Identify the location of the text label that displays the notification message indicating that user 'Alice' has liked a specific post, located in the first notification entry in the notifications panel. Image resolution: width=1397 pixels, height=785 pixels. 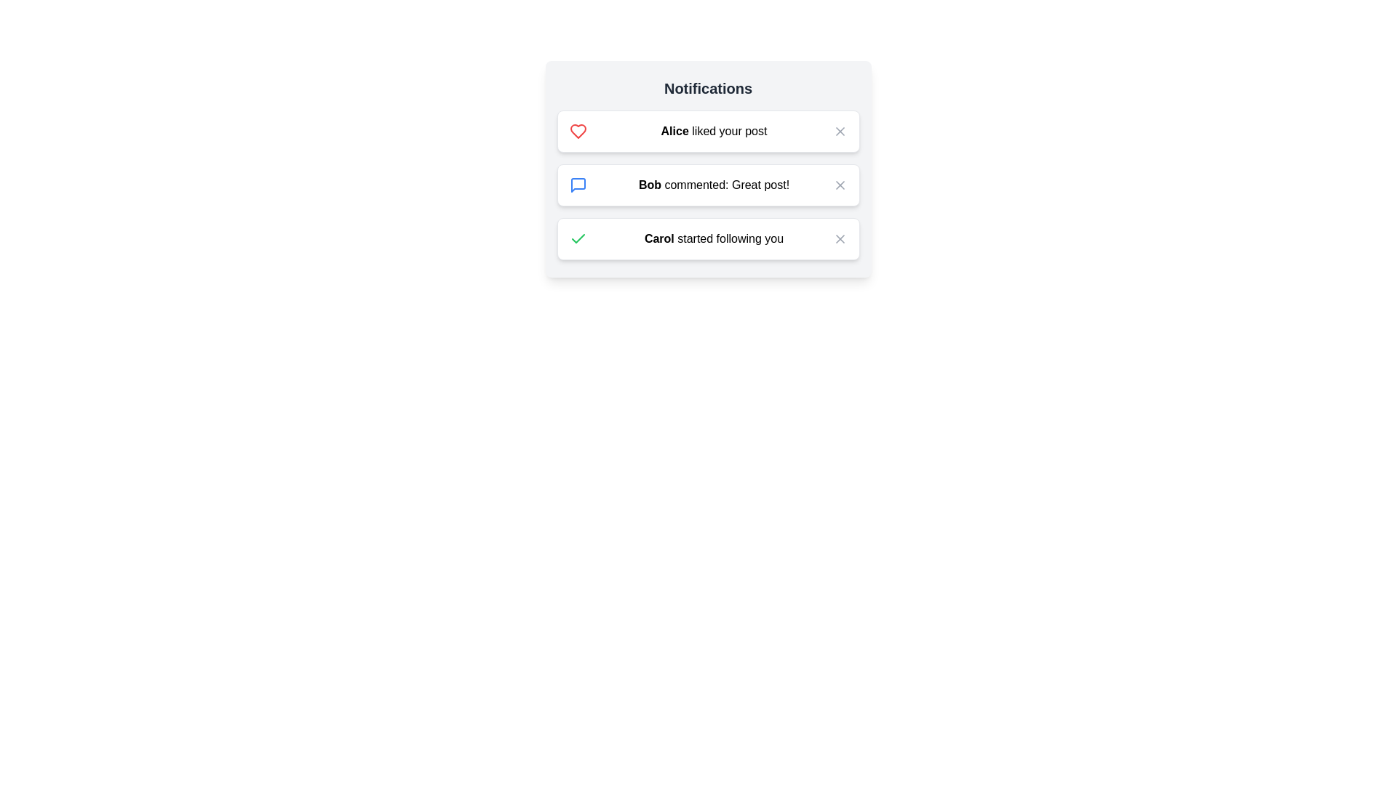
(714, 132).